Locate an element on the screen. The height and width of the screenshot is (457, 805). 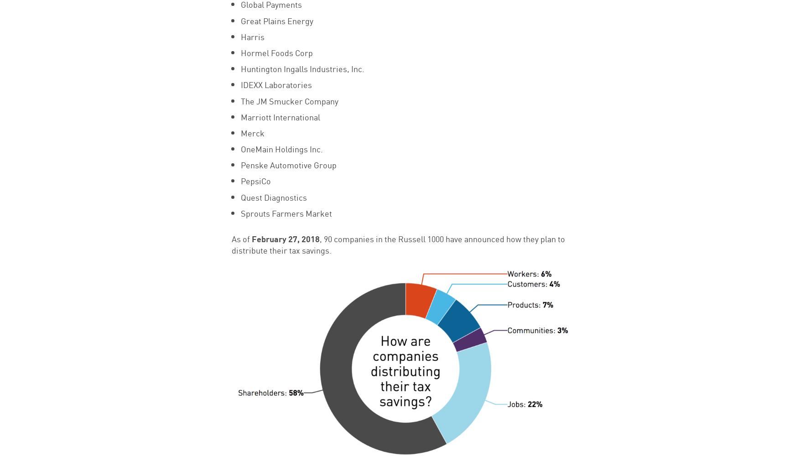
'Marriott International' is located at coordinates (240, 116).